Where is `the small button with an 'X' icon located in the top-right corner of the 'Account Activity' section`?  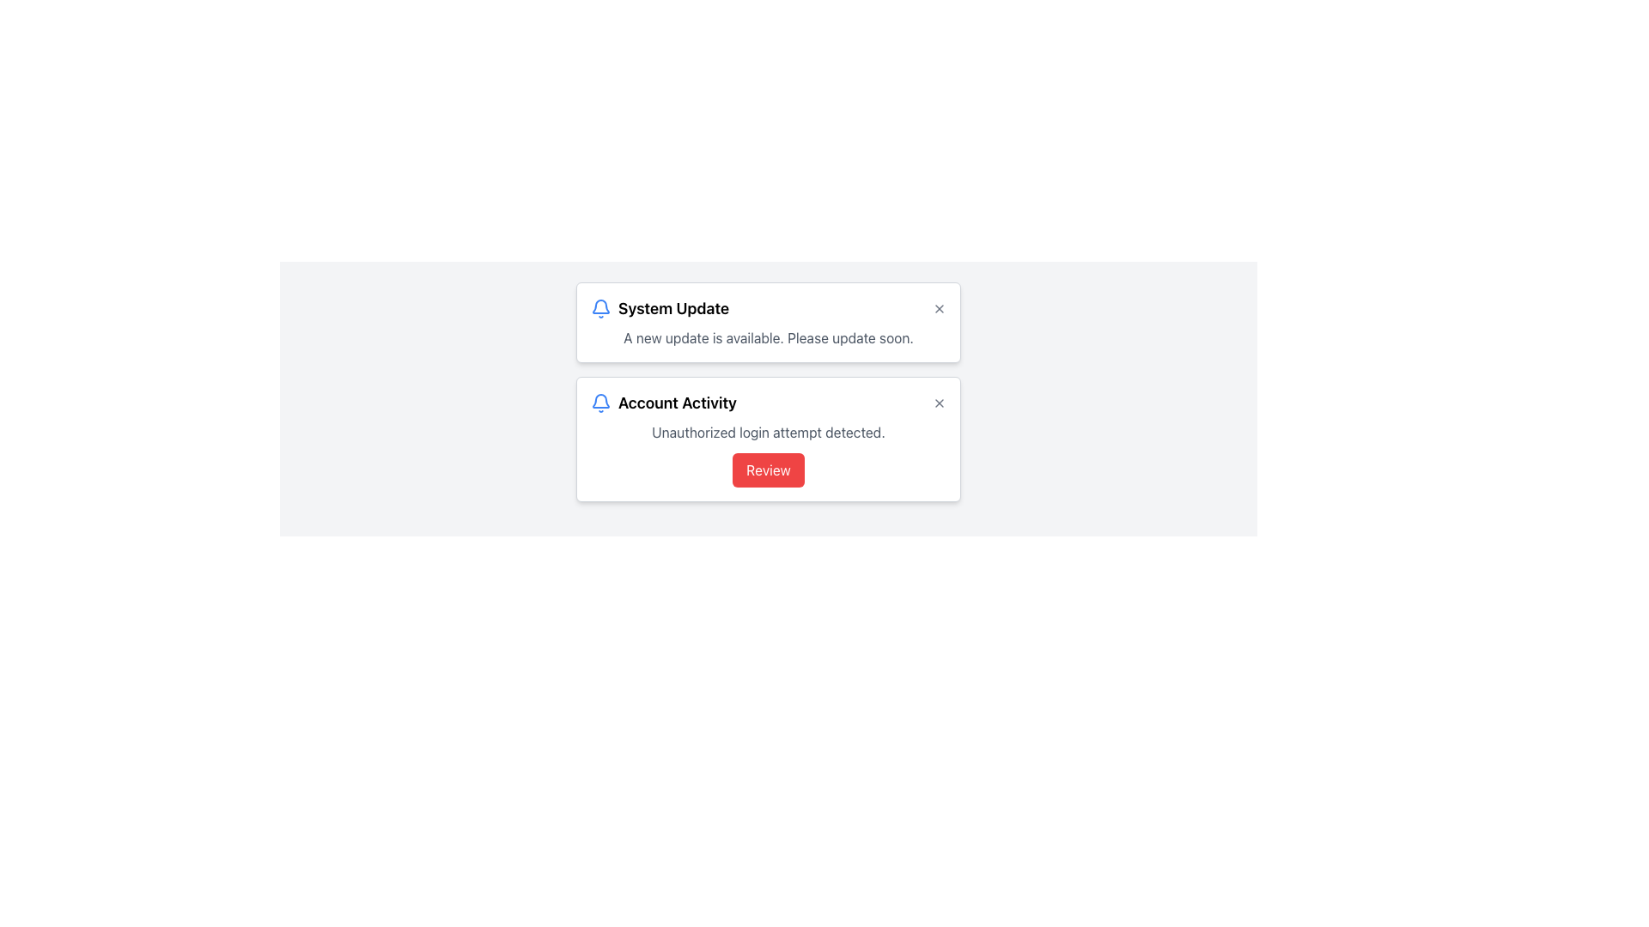 the small button with an 'X' icon located in the top-right corner of the 'Account Activity' section is located at coordinates (939, 403).